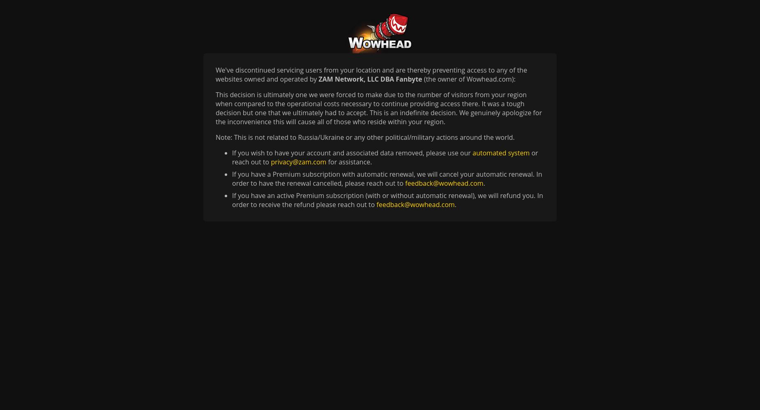 Image resolution: width=760 pixels, height=410 pixels. What do you see at coordinates (216, 108) in the screenshot?
I see `'This decision is ultimately one we were forced to make due to the number of visitors from your region when compared to the operational costs necessary to continue providing access there. It was a tough decision but one that we ultimately had to accept. This is an indefinite decision. We genuinely apologize for the inconvenience this will cause all of those who reside within your region.'` at bounding box center [216, 108].